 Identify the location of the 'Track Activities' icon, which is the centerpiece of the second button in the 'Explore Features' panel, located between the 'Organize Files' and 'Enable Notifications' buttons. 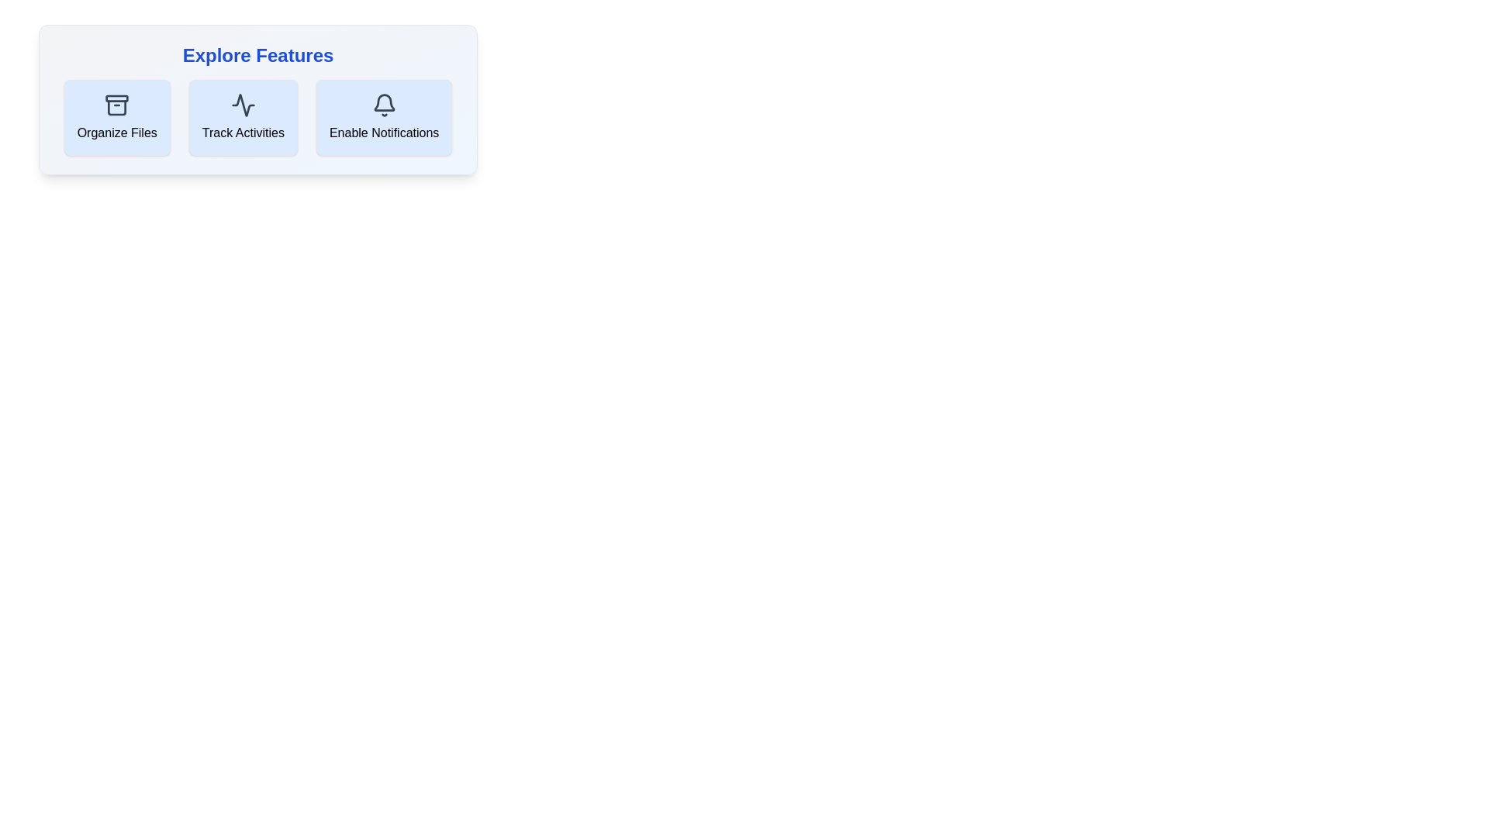
(242, 105).